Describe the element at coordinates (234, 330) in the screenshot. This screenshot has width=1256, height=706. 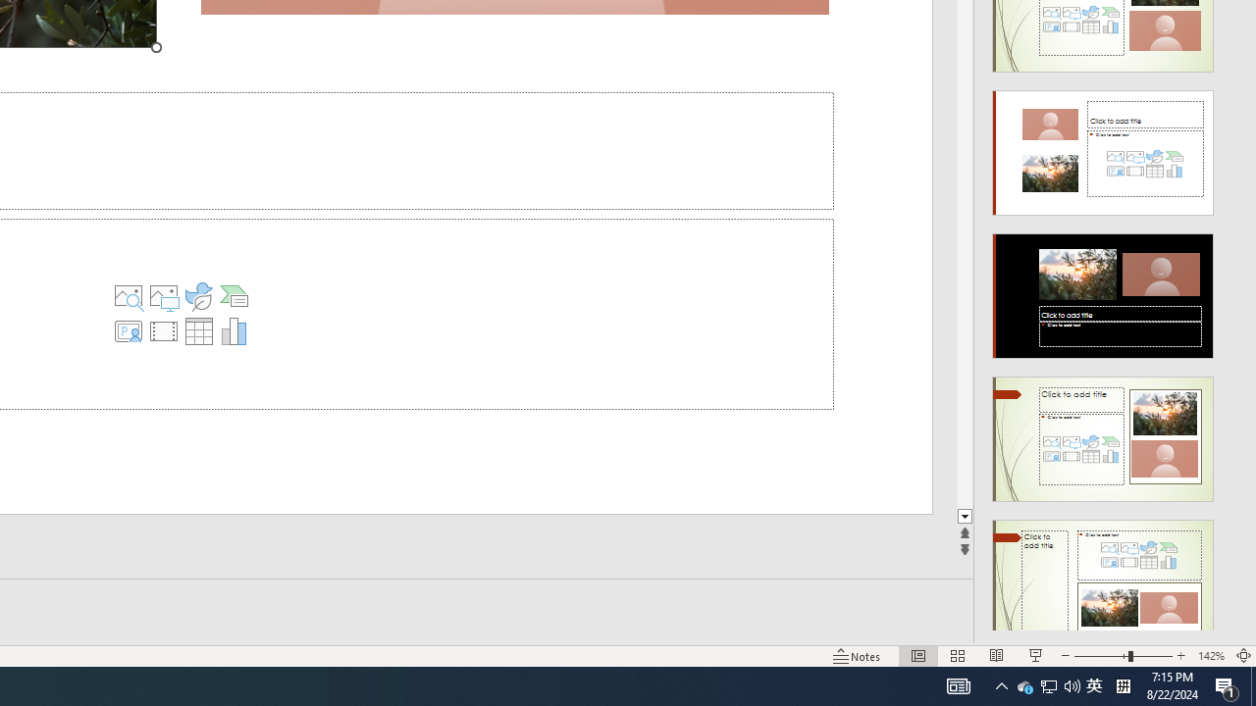
I see `'Insert Chart'` at that location.